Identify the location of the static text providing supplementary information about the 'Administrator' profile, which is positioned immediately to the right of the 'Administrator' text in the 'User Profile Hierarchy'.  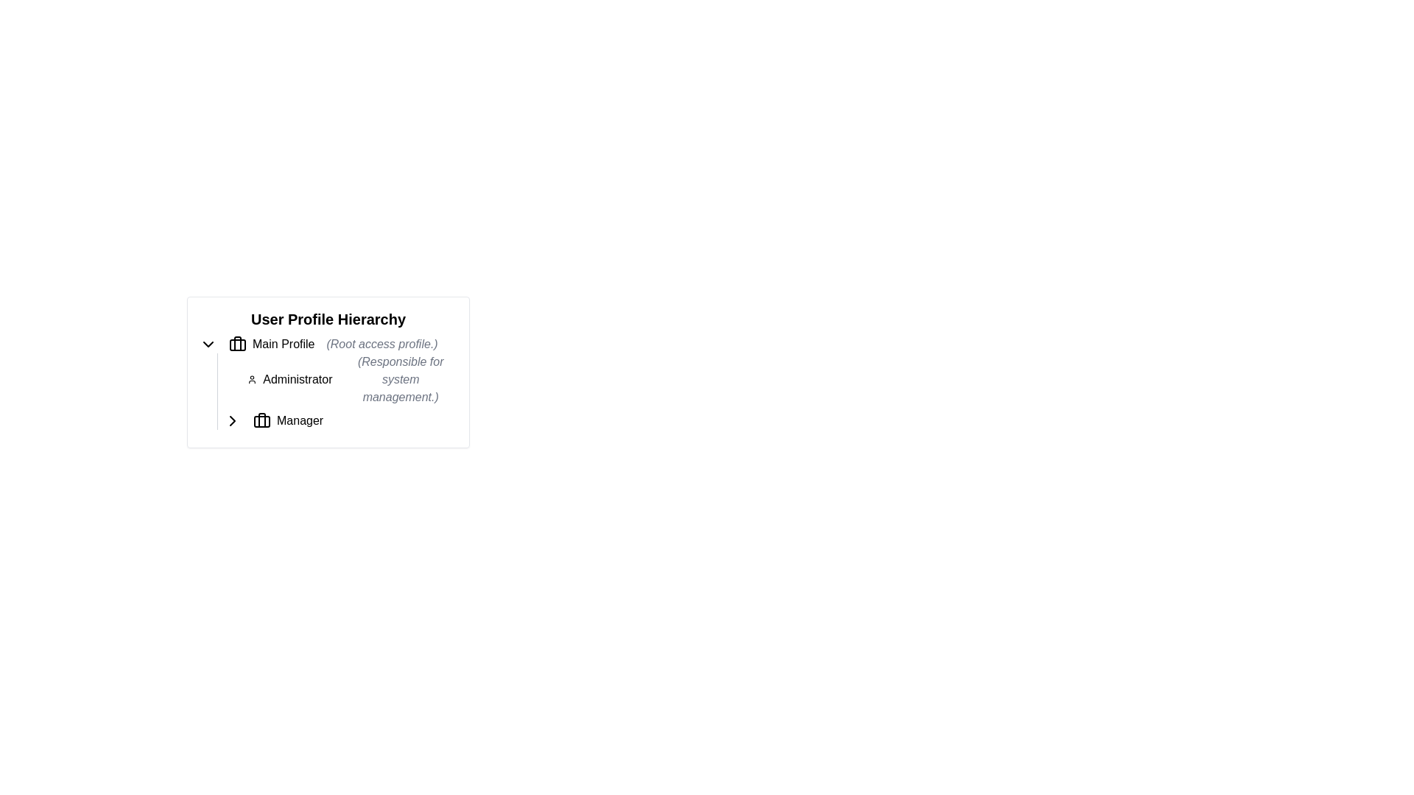
(401, 379).